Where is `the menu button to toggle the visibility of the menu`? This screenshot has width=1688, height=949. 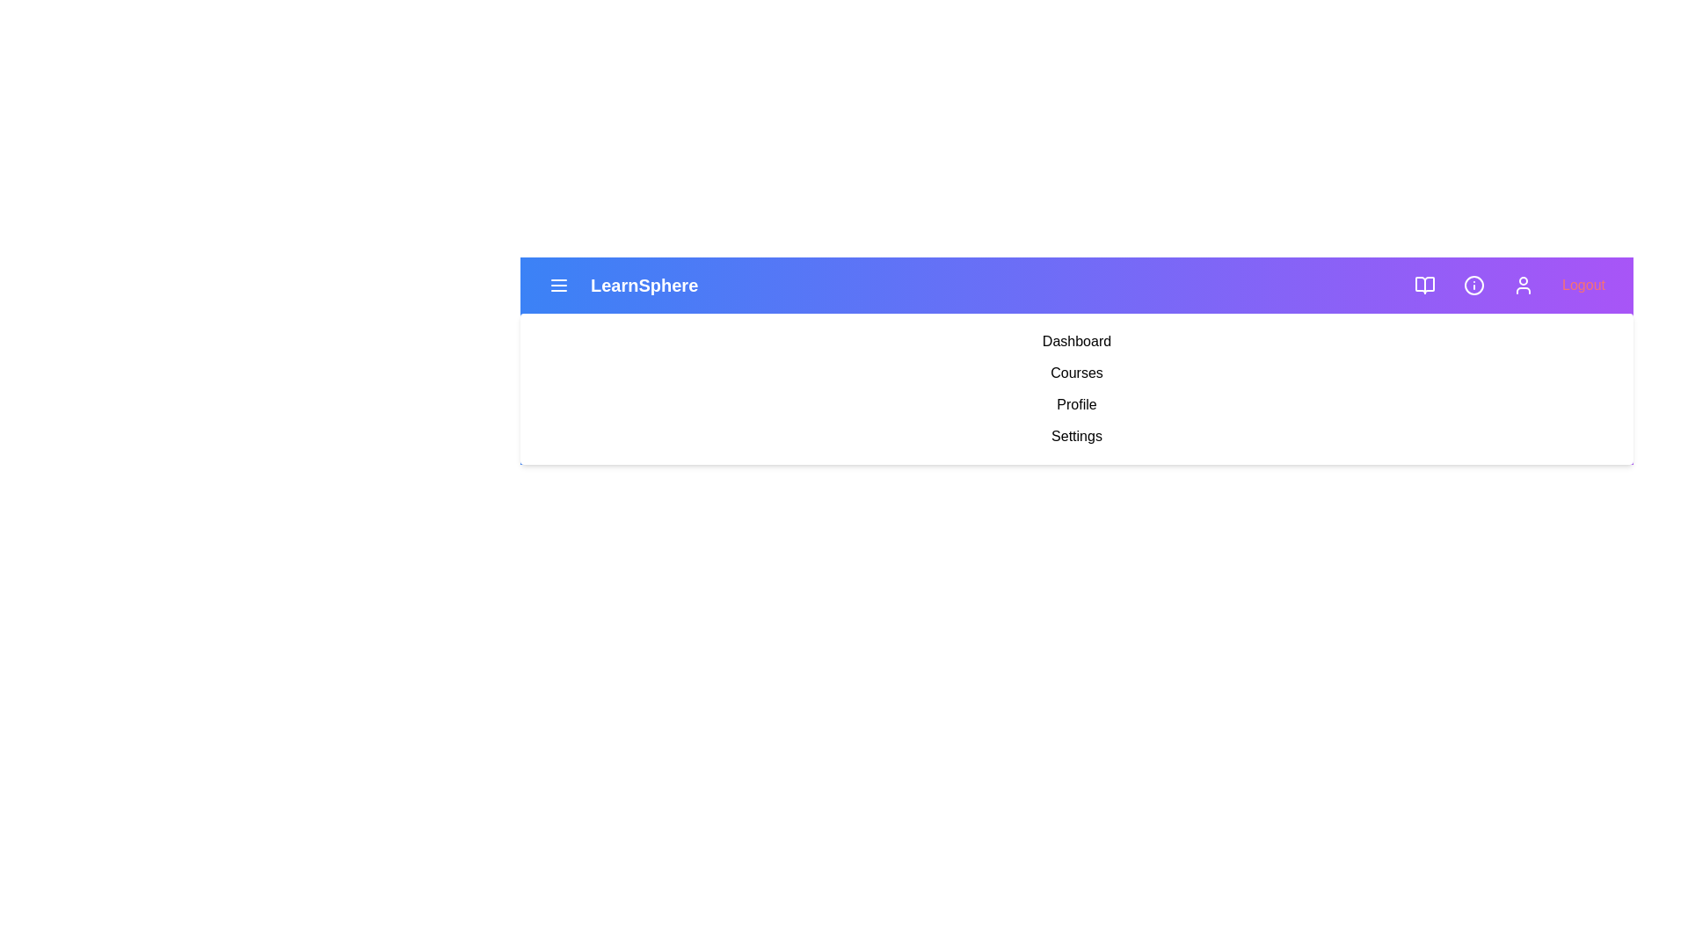
the menu button to toggle the visibility of the menu is located at coordinates (557, 284).